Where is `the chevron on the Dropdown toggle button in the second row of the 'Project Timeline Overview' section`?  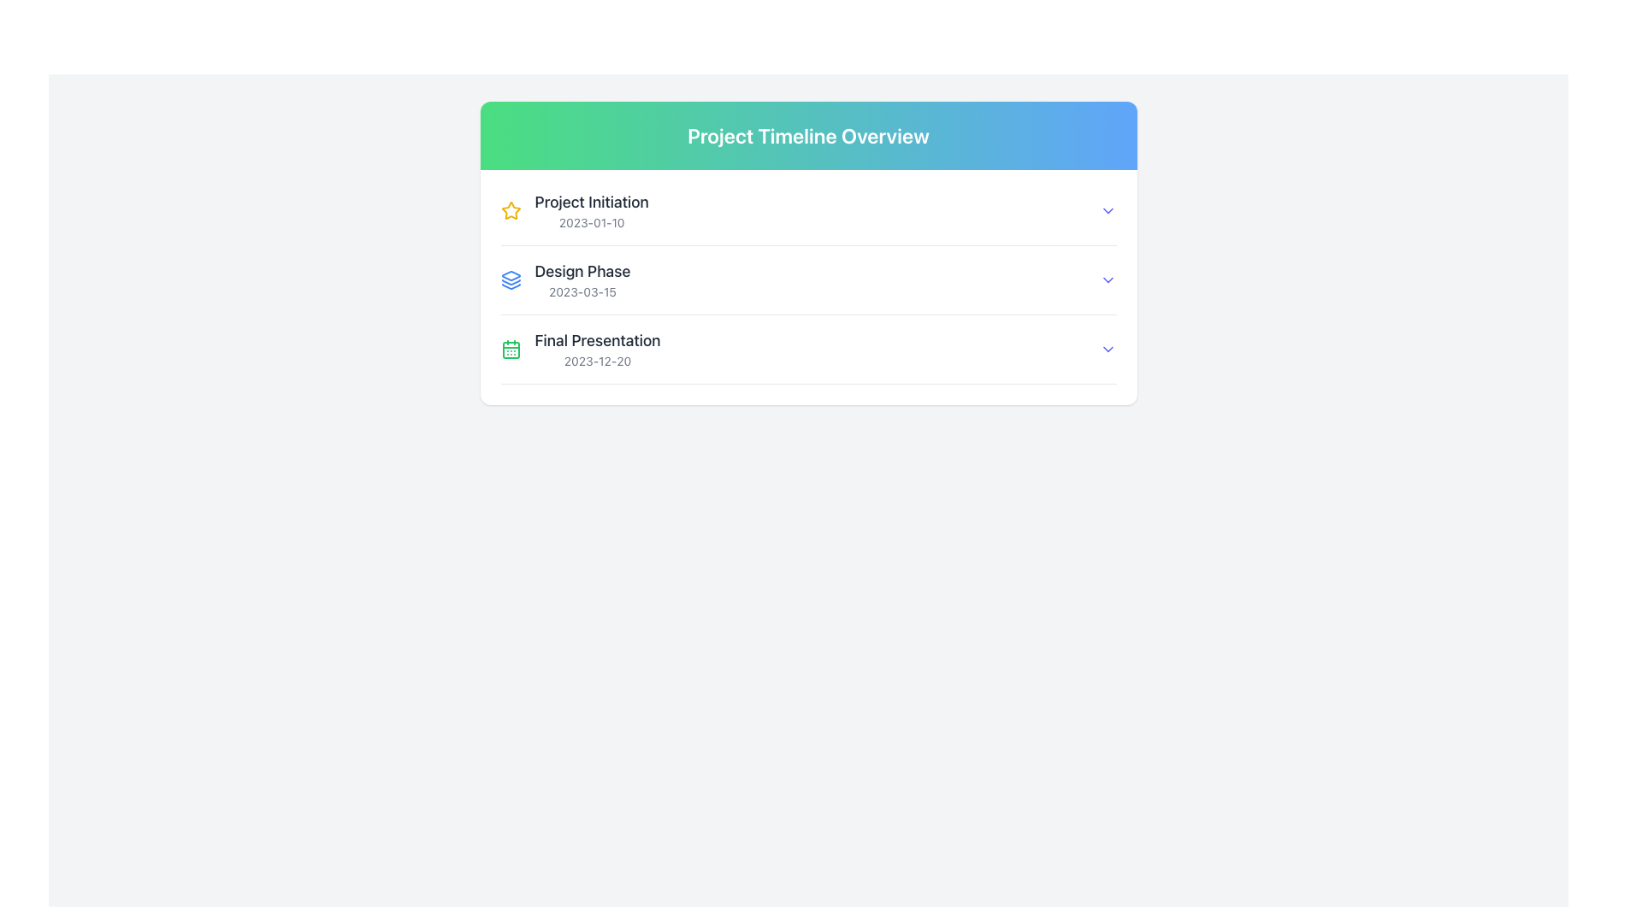
the chevron on the Dropdown toggle button in the second row of the 'Project Timeline Overview' section is located at coordinates (1107, 279).